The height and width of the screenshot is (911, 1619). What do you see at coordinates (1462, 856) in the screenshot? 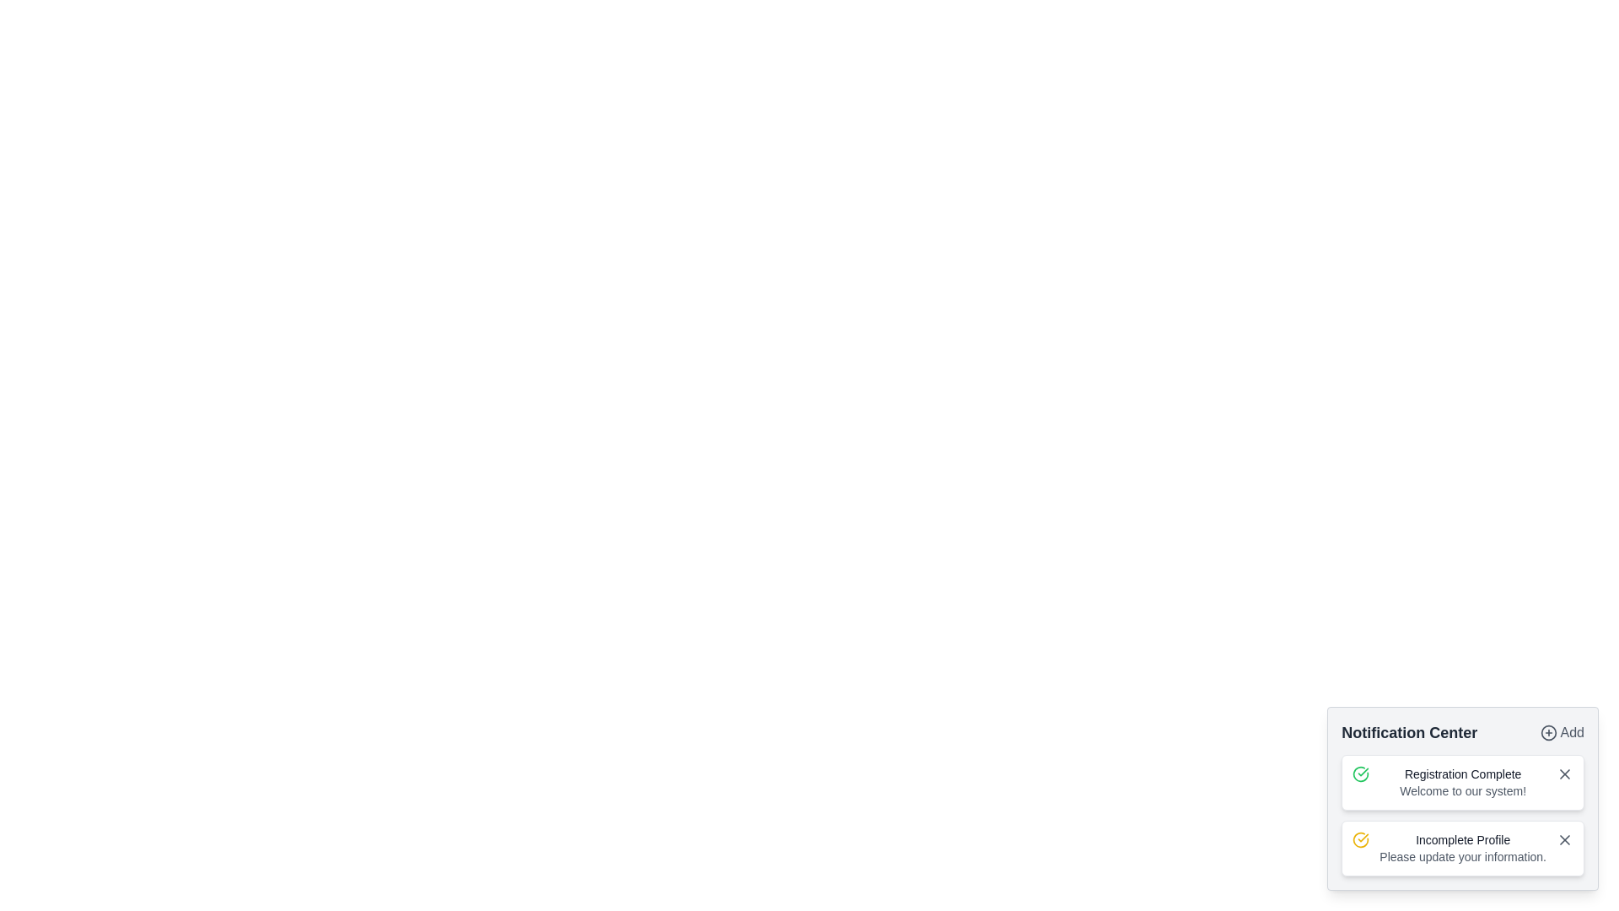
I see `the text element that reads 'Please update your information.' located below the 'Incomplete Profile' heading in the notification section` at bounding box center [1462, 856].